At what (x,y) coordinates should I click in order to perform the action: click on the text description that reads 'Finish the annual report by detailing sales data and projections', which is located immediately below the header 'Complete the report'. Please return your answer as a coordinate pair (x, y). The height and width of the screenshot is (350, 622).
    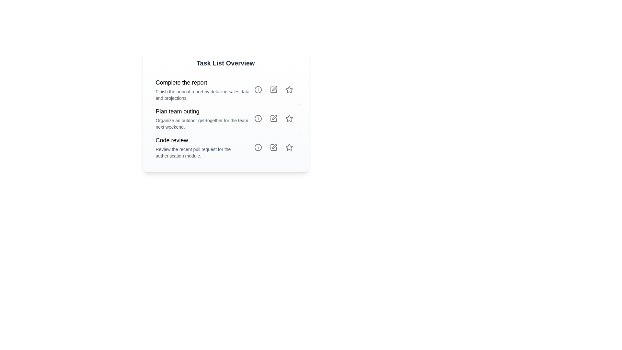
    Looking at the image, I should click on (203, 95).